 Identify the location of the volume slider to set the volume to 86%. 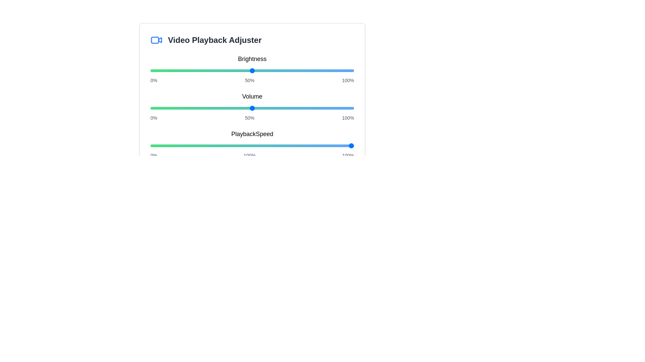
(326, 108).